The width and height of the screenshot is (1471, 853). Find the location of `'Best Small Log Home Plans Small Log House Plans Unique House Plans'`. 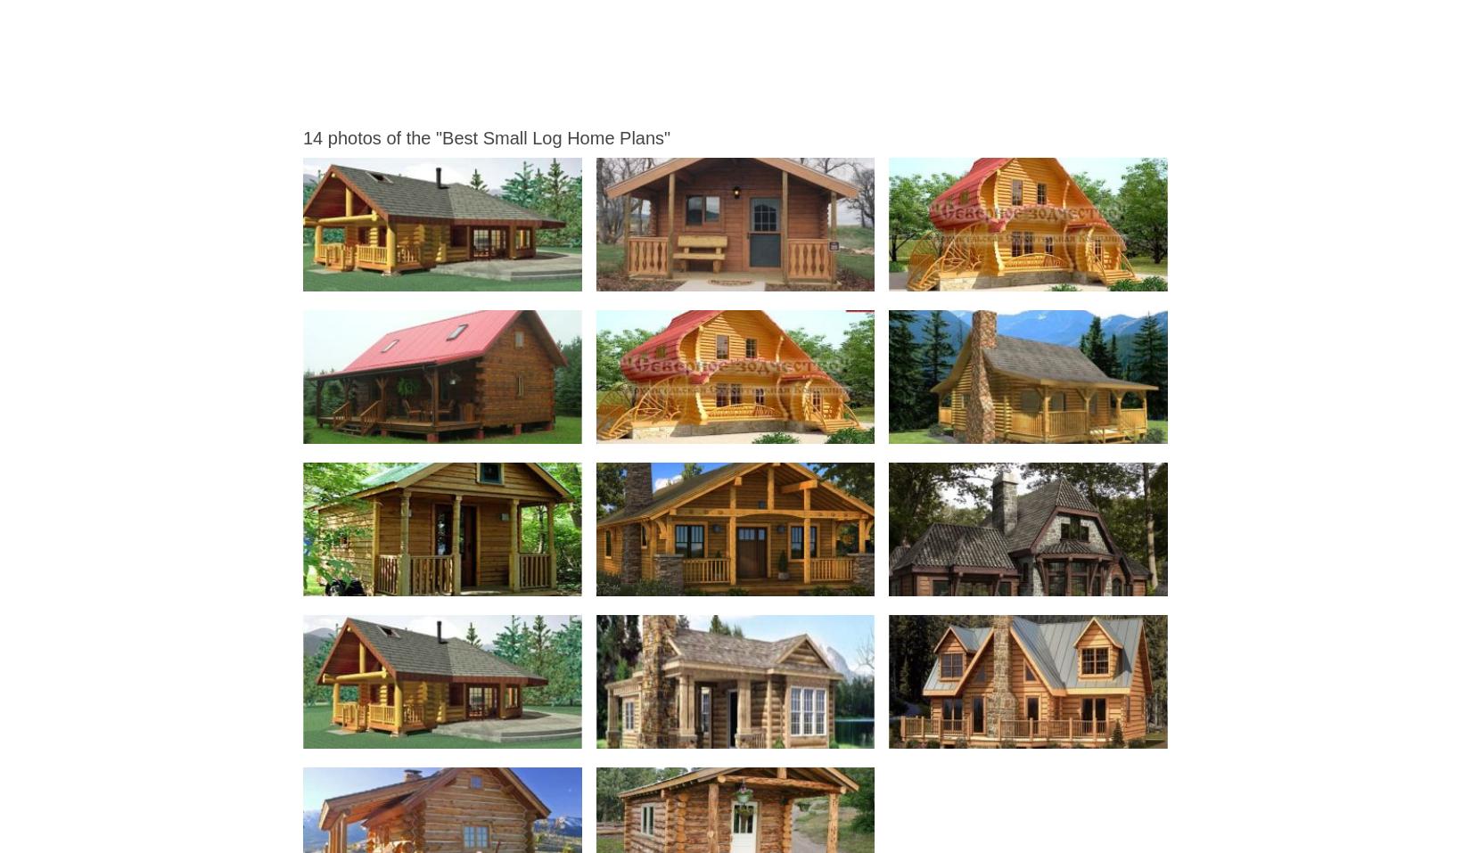

'Best Small Log Home Plans Small Log House Plans Unique House Plans' is located at coordinates (481, 428).